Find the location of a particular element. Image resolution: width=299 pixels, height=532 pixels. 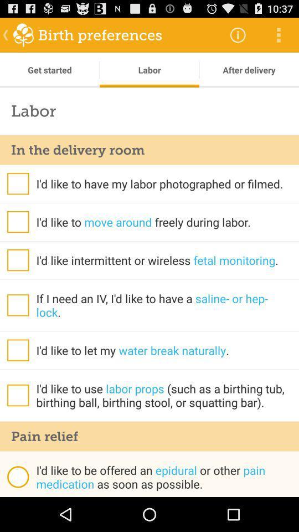

option is located at coordinates (17, 221).